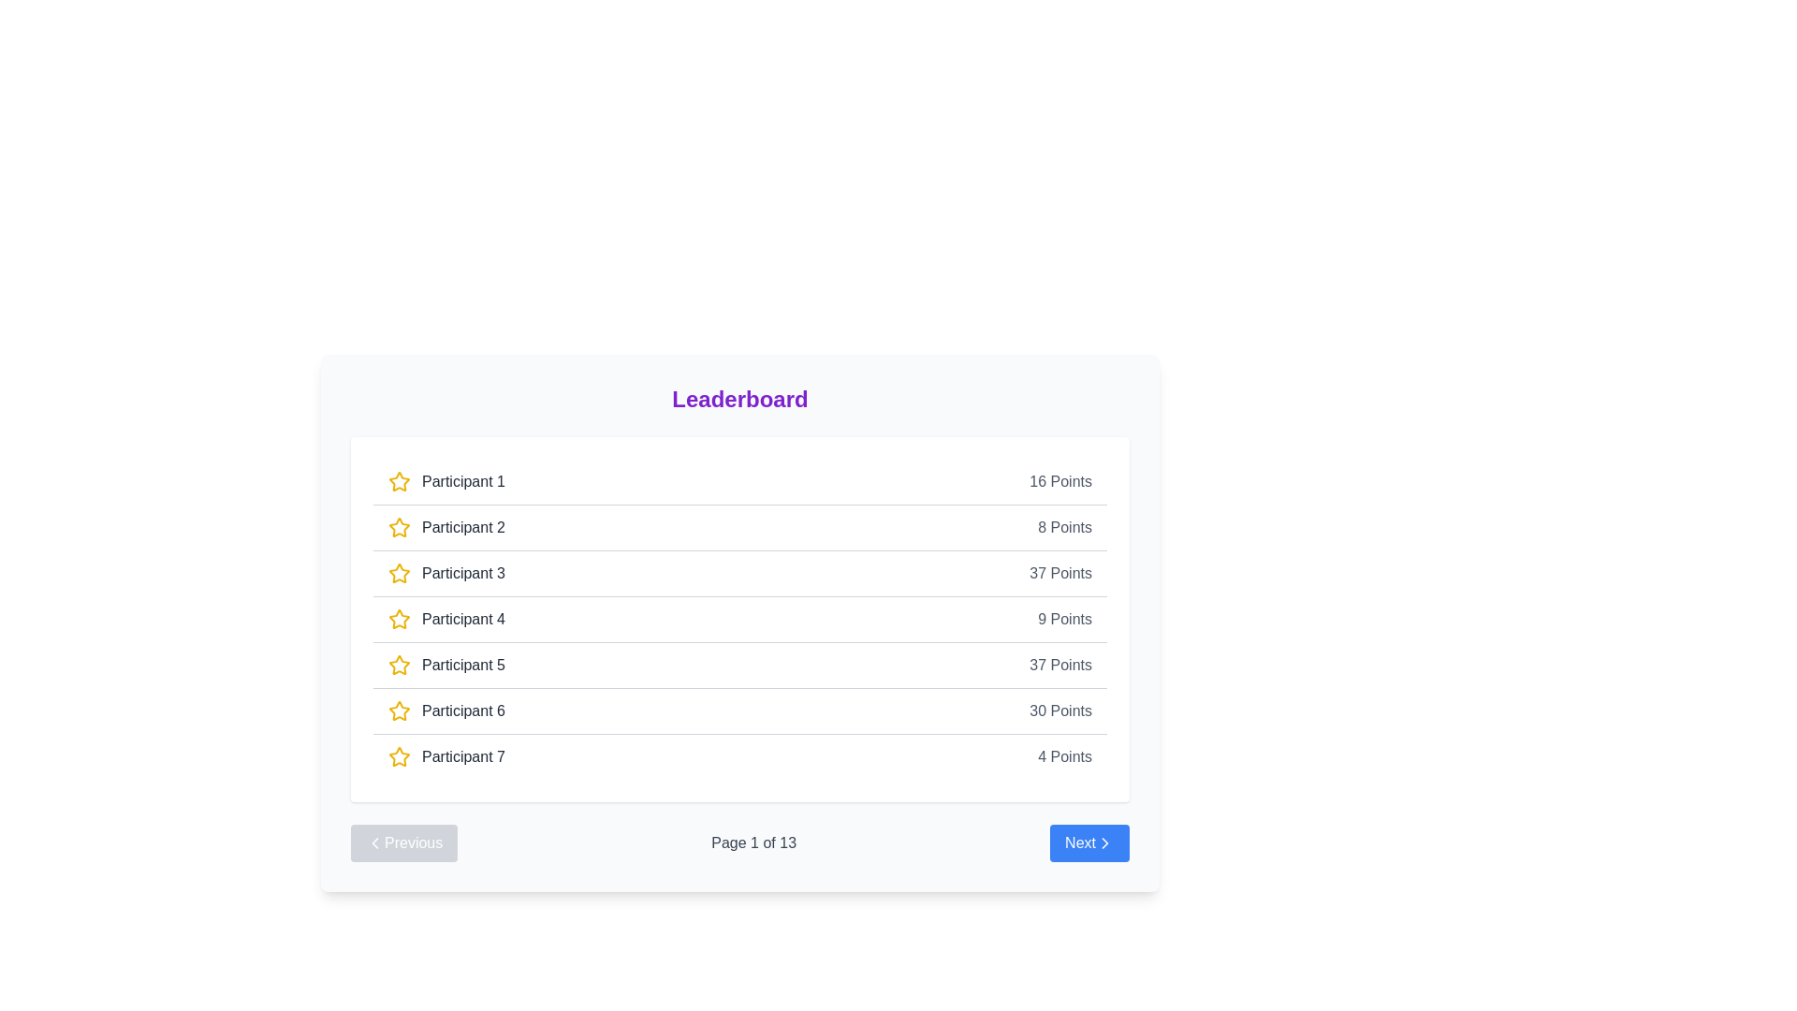  I want to click on the informational text label that indicates the current page number in the leaderboard data, located in the navigation bar at the bottom of the interface, so click(753, 843).